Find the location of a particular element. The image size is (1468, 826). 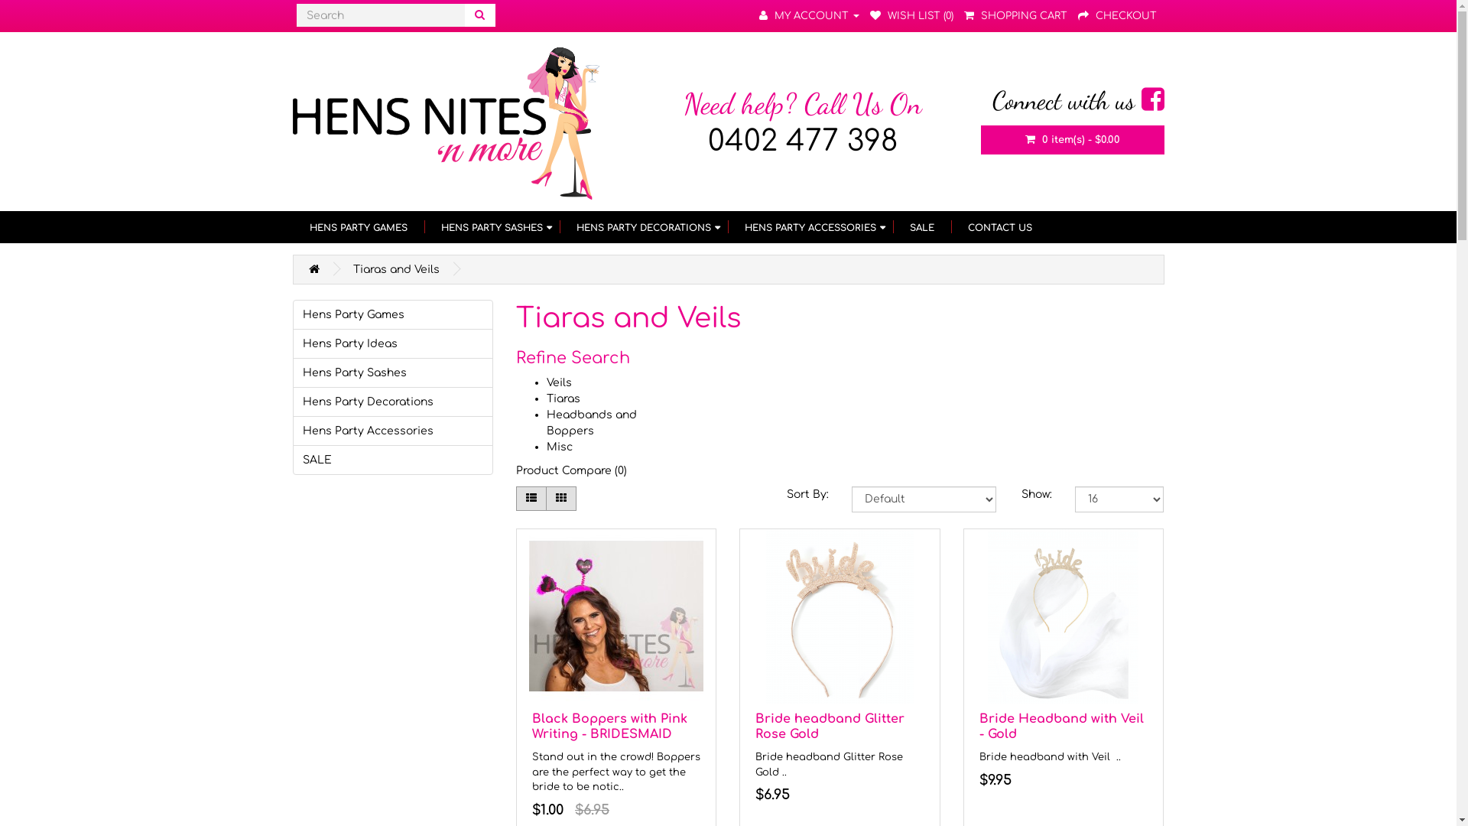

'HENS PARTY SASHES' is located at coordinates (423, 227).